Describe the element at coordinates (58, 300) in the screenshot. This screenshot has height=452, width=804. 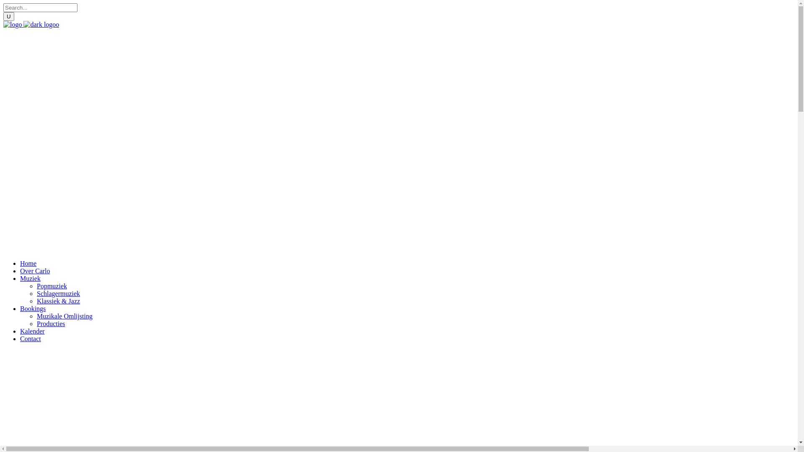
I see `'Klassiek & Jazz'` at that location.